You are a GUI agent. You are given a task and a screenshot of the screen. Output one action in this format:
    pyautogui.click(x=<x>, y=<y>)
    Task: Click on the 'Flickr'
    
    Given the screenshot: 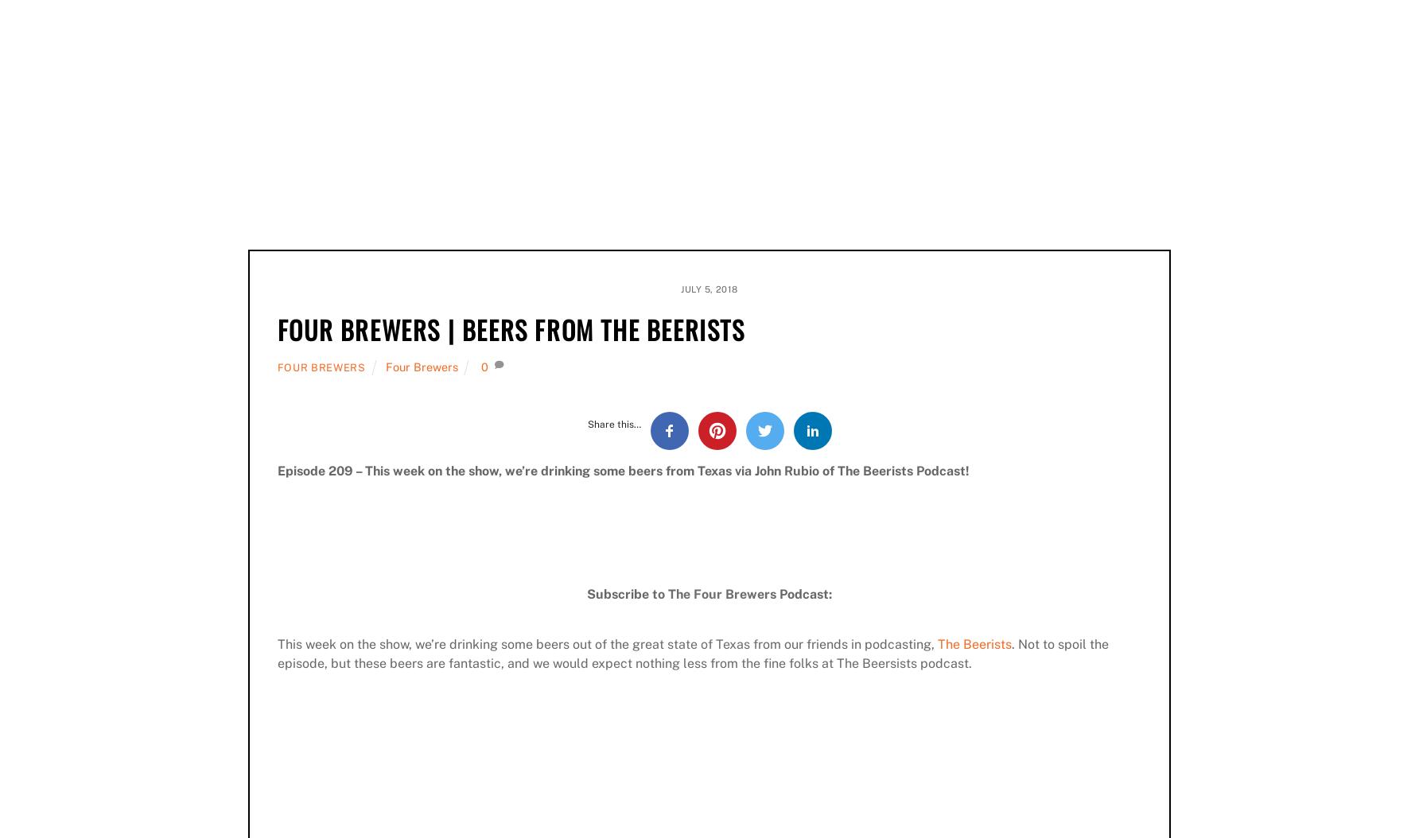 What is the action you would take?
    pyautogui.click(x=616, y=163)
    